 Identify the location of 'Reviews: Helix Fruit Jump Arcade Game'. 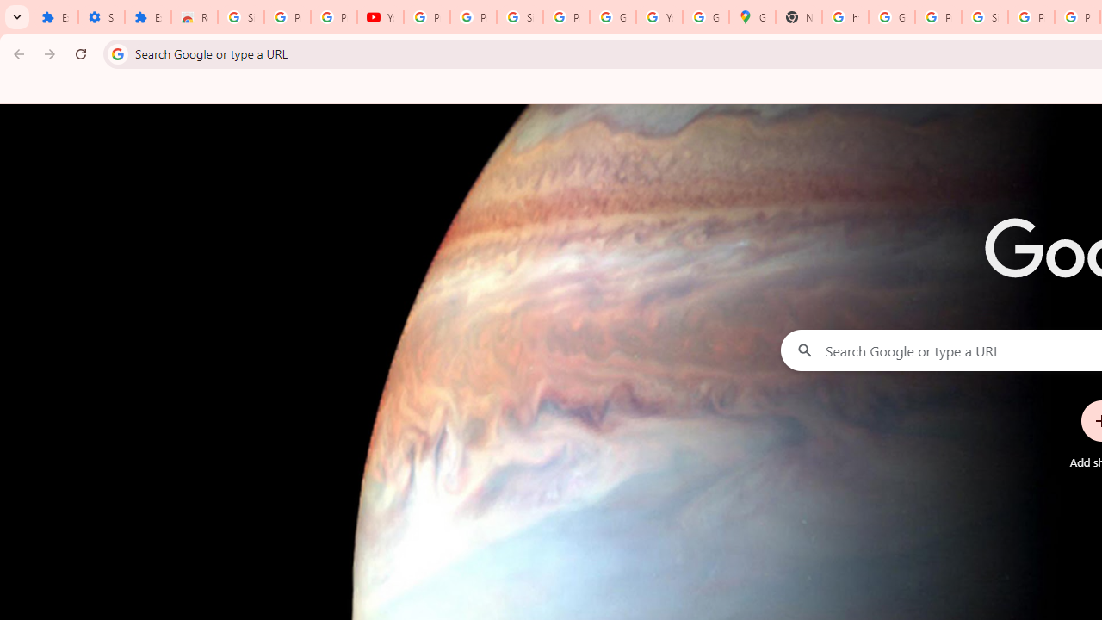
(194, 17).